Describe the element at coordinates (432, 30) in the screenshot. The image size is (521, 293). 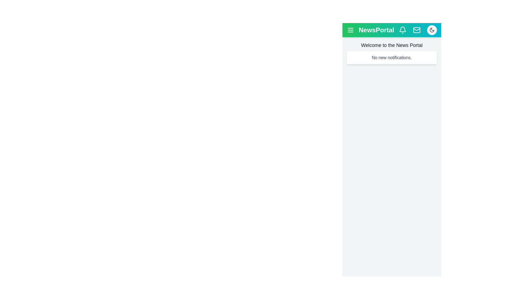
I see `the button with the moon icon to toggle the theme` at that location.